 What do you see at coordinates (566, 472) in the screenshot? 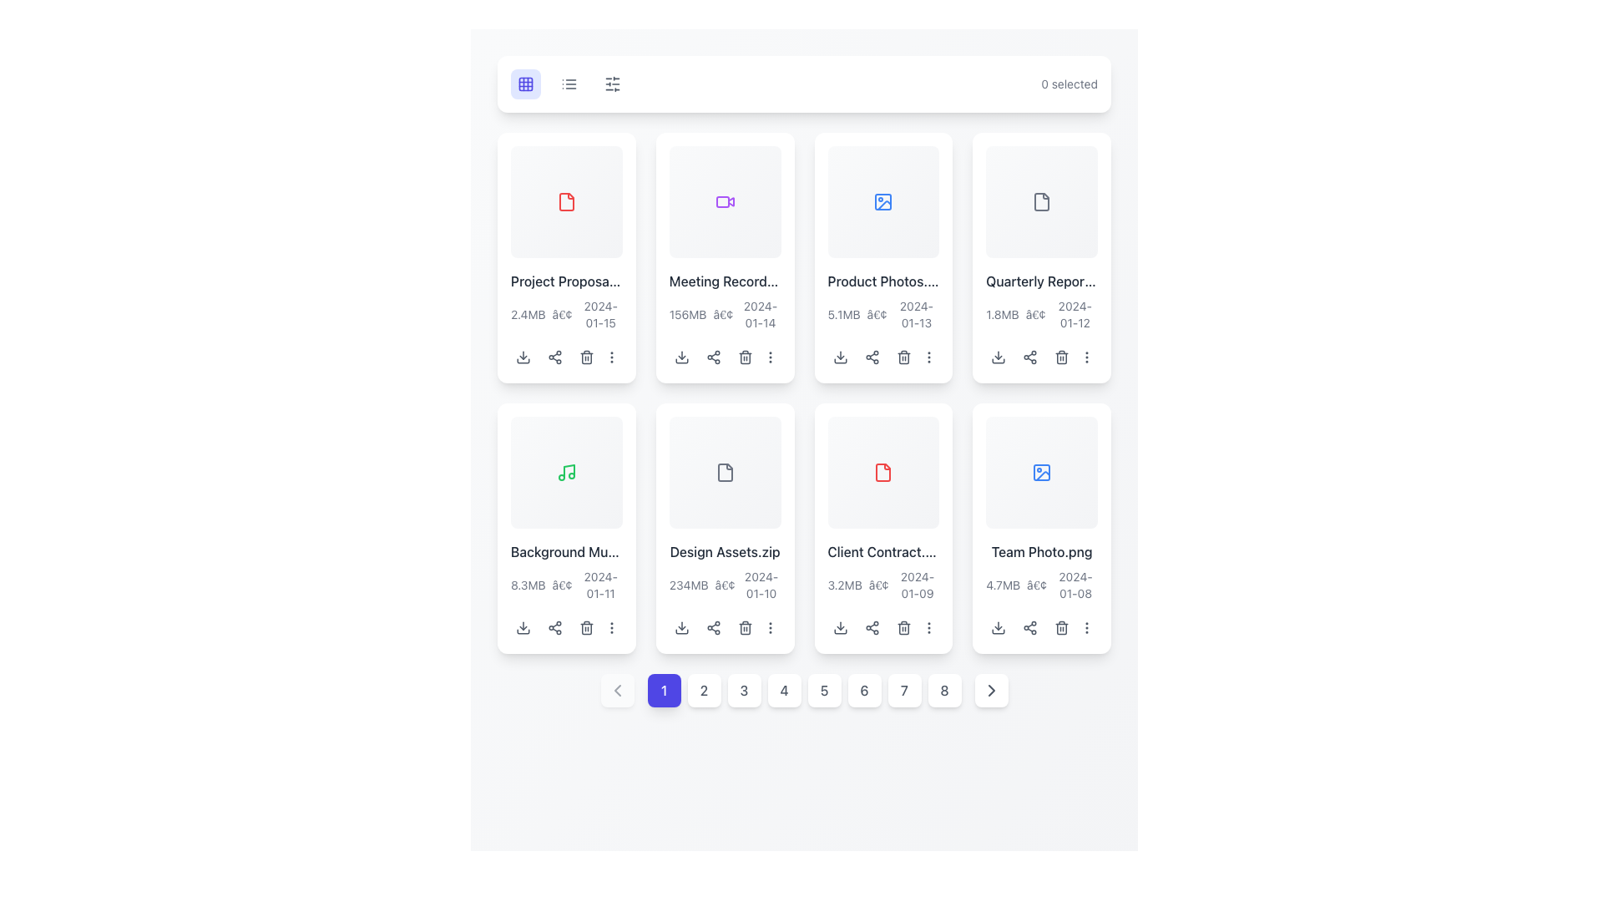
I see `the green-colored musical note icon, which is located in the second row and first column of the grid layout` at bounding box center [566, 472].